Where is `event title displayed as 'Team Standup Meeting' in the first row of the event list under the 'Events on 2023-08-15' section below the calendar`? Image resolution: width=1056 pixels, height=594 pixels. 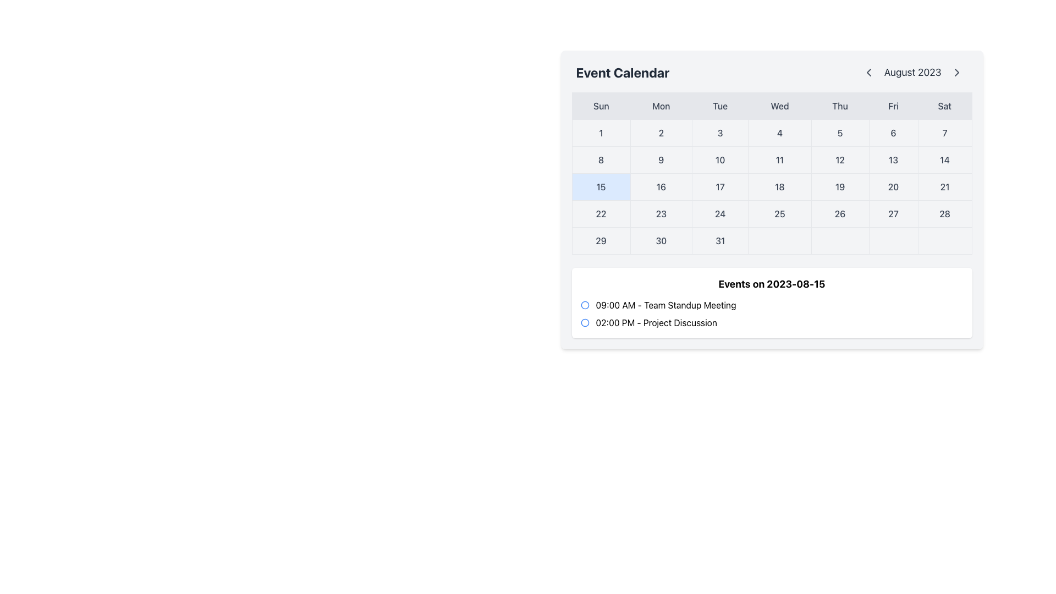
event title displayed as 'Team Standup Meeting' in the first row of the event list under the 'Events on 2023-08-15' section below the calendar is located at coordinates (665, 305).